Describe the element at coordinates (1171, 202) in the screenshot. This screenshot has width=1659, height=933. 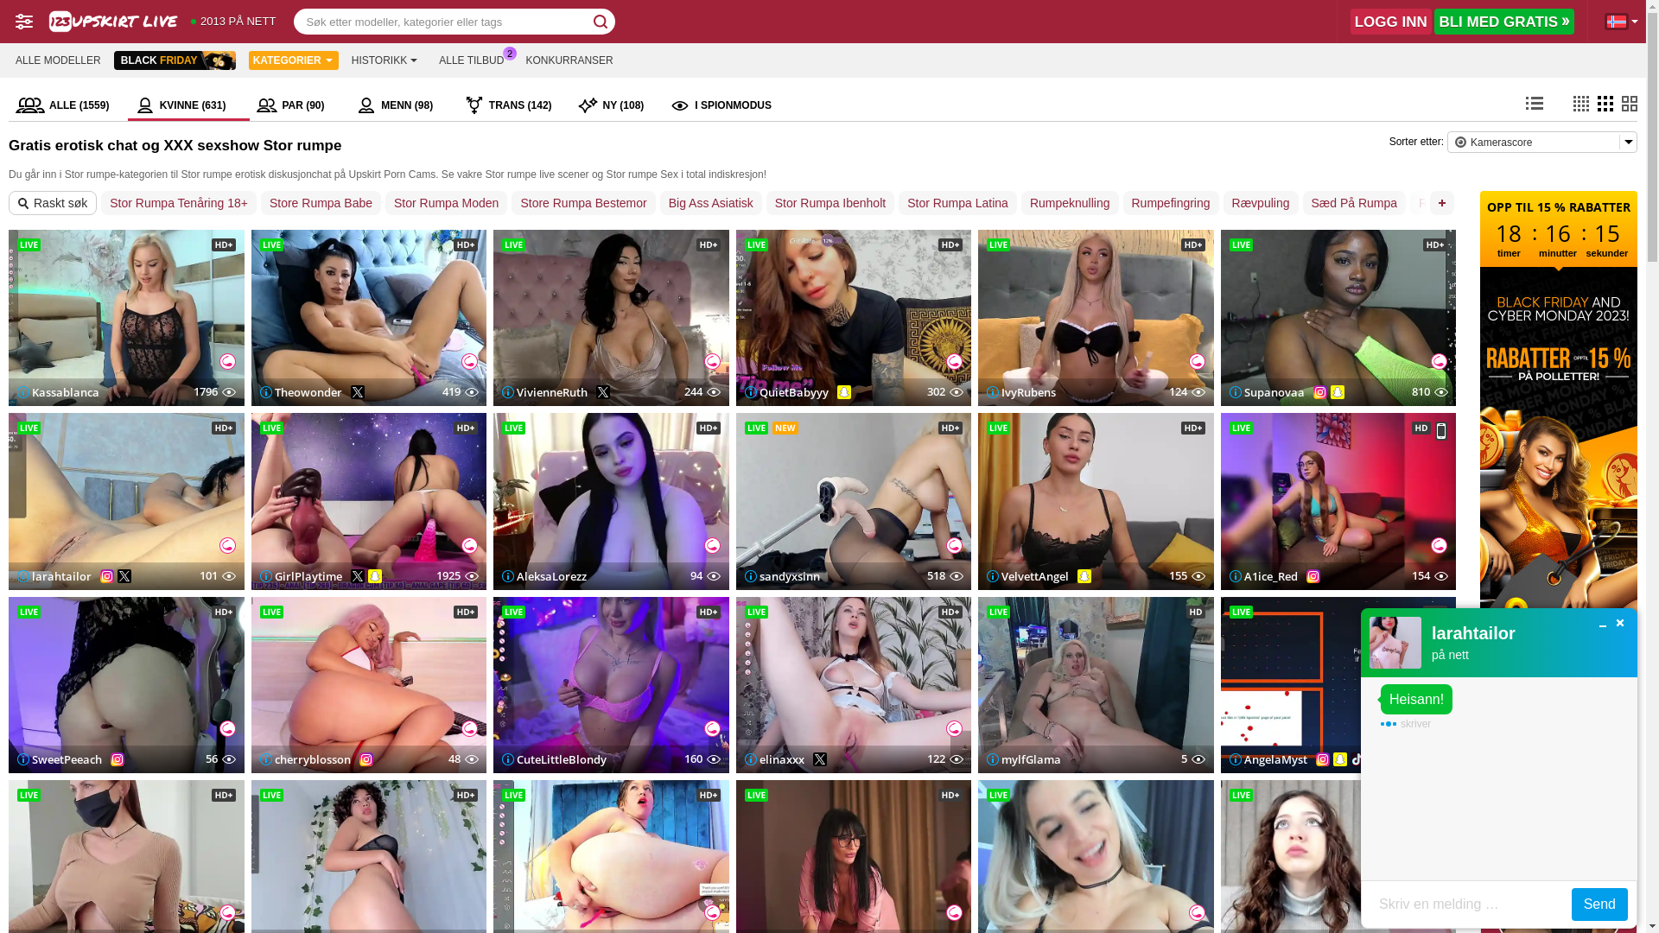
I see `'Rumpefingring'` at that location.